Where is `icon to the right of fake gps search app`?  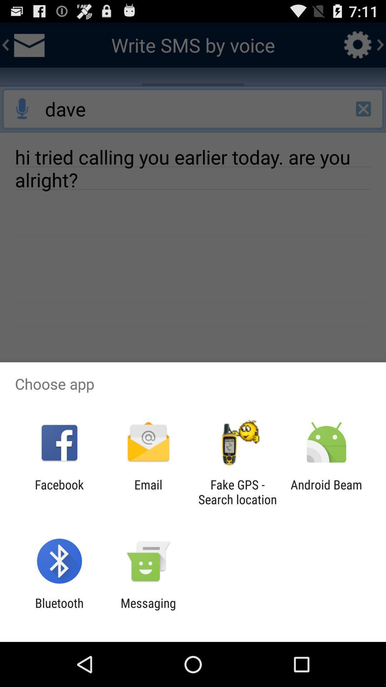 icon to the right of fake gps search app is located at coordinates (326, 492).